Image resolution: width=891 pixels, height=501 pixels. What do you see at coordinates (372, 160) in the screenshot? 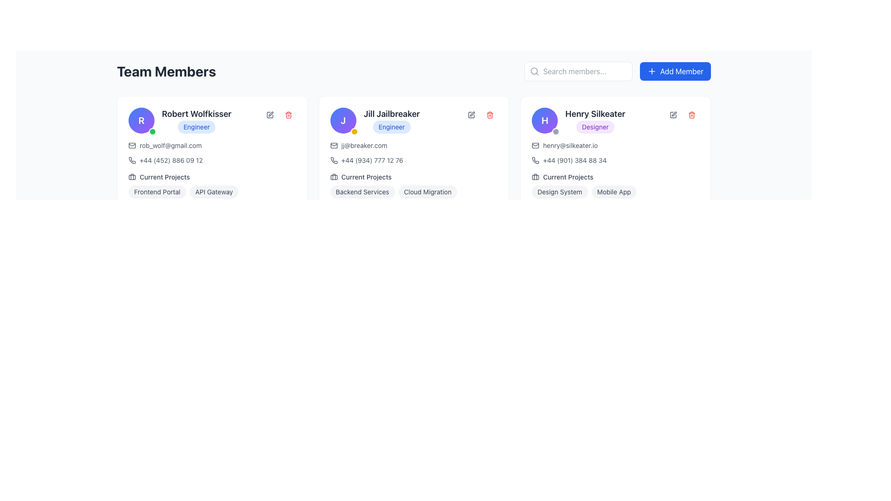
I see `the telephone number '+44 (934) 777 12 76' displayed in muted grayish font, part of the contact information for 'Jill Jailbreaker'` at bounding box center [372, 160].